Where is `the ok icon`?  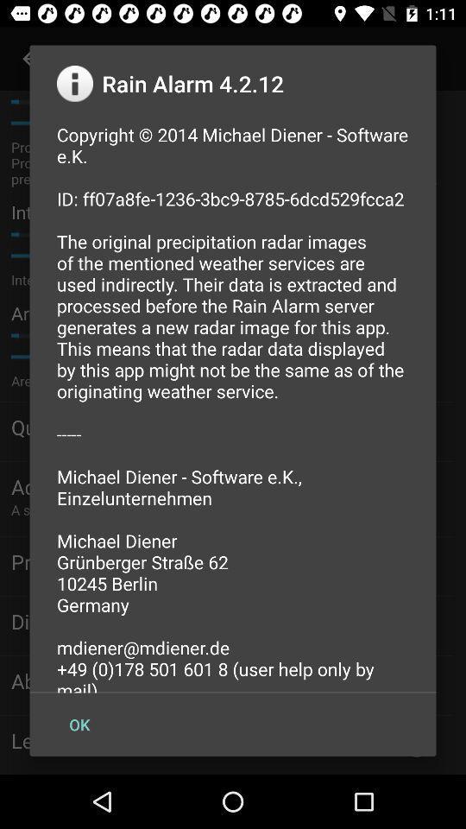 the ok icon is located at coordinates (79, 725).